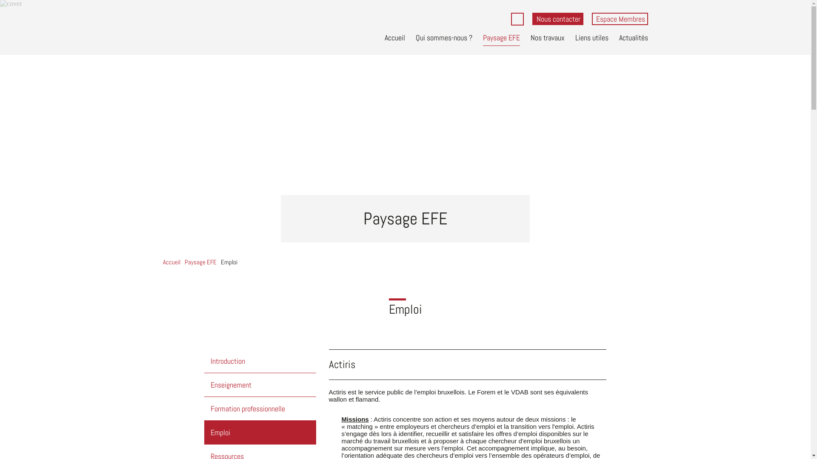  I want to click on 'Nos travaux', so click(547, 35).